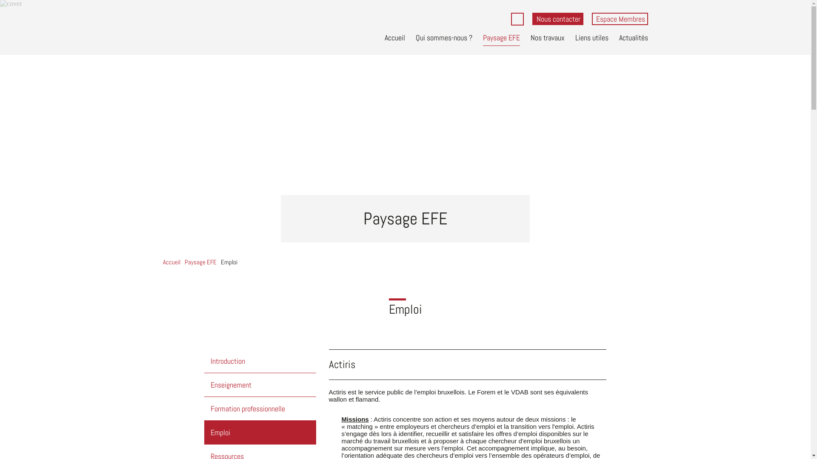  I want to click on 'Nos travaux', so click(547, 35).